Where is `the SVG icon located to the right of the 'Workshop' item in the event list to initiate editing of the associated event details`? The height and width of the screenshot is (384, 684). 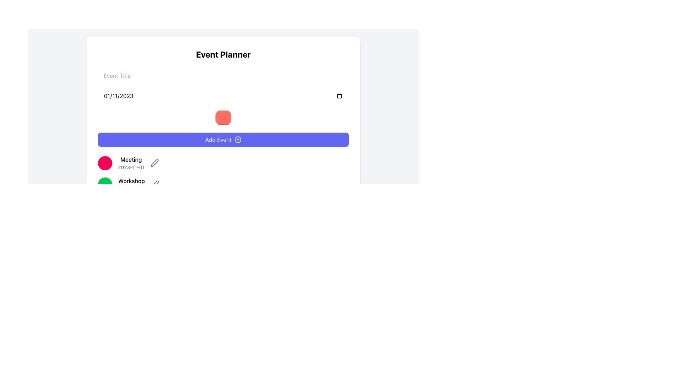
the SVG icon located to the right of the 'Workshop' item in the event list to initiate editing of the associated event details is located at coordinates (154, 163).